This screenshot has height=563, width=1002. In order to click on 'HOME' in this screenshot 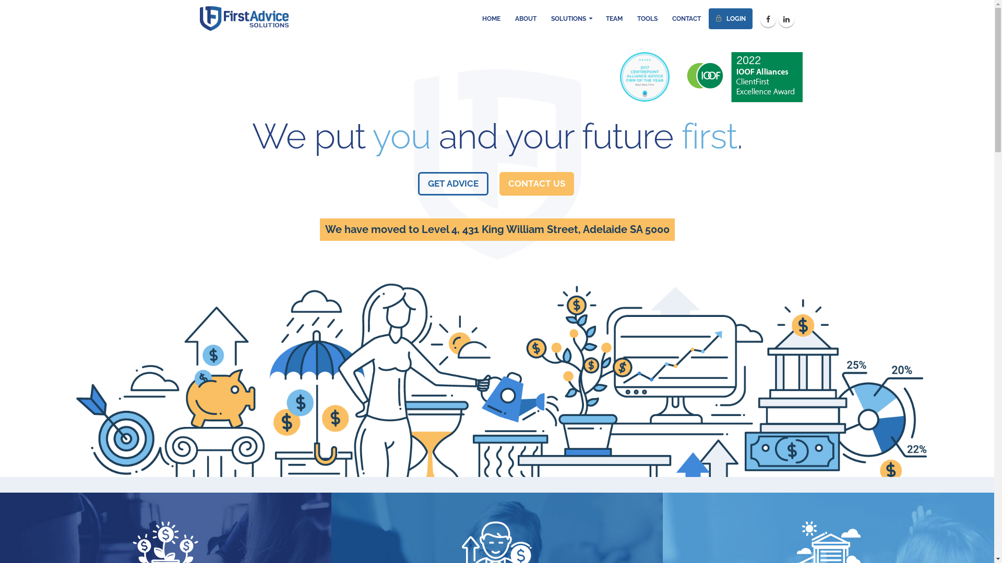, I will do `click(490, 18)`.